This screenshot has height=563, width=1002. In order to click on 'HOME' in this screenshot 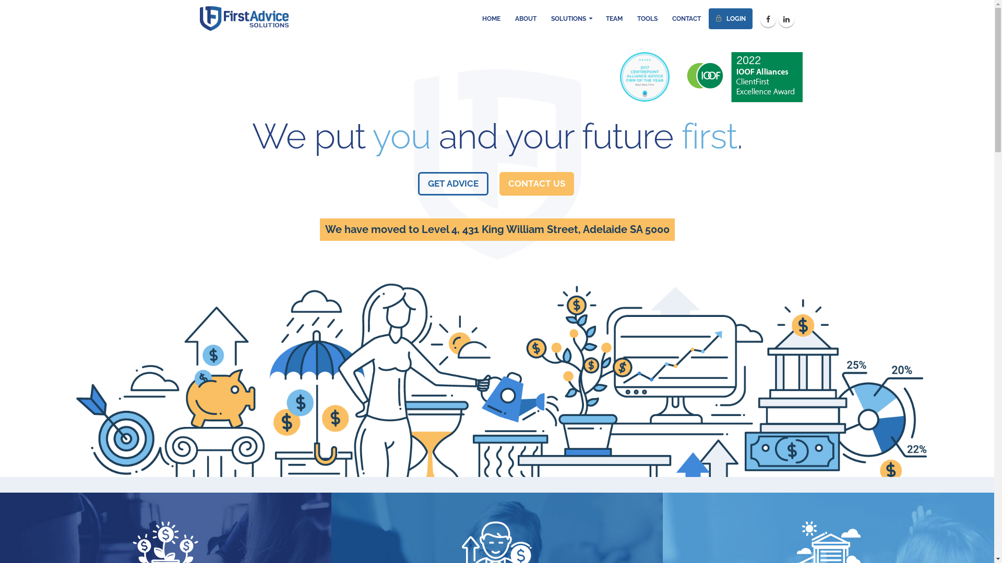, I will do `click(490, 18)`.